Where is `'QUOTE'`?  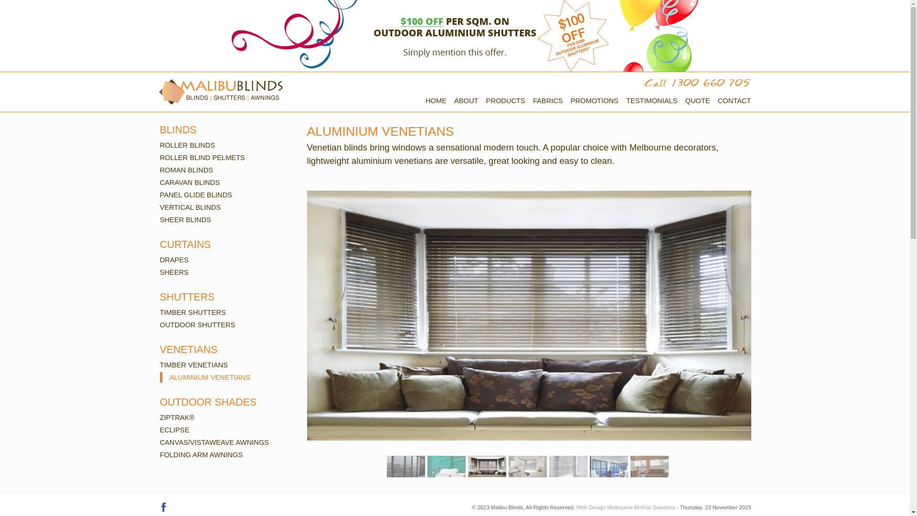
'QUOTE' is located at coordinates (697, 101).